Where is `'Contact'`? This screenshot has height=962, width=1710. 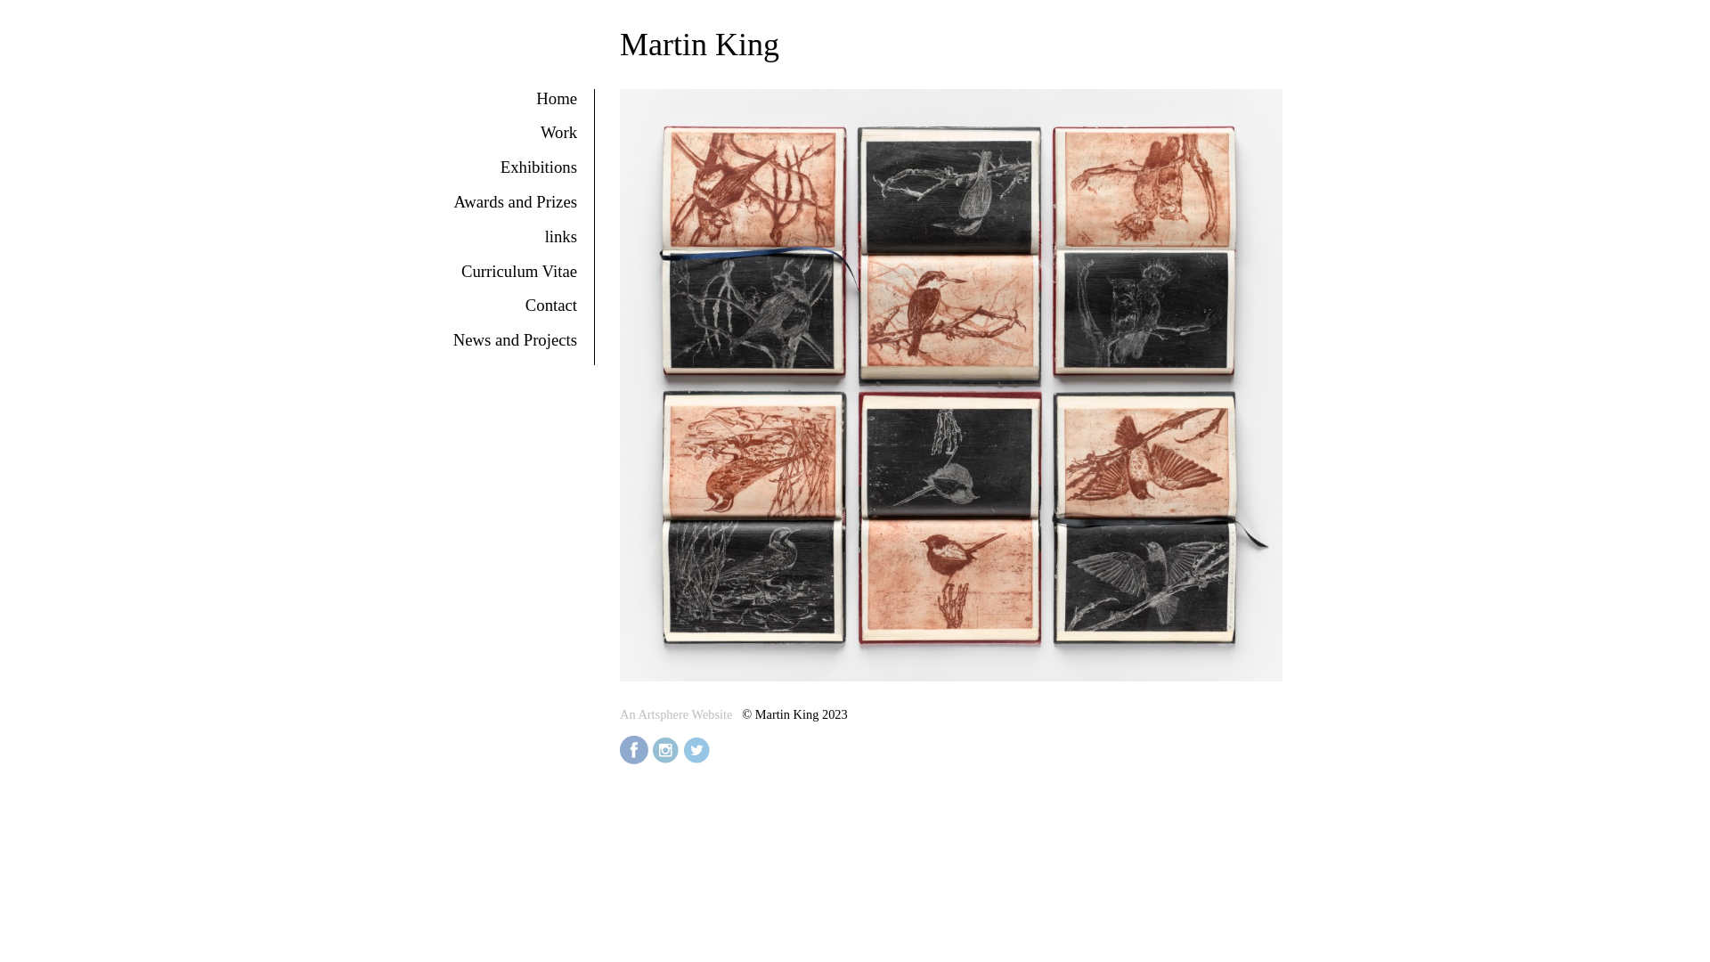 'Contact' is located at coordinates (550, 304).